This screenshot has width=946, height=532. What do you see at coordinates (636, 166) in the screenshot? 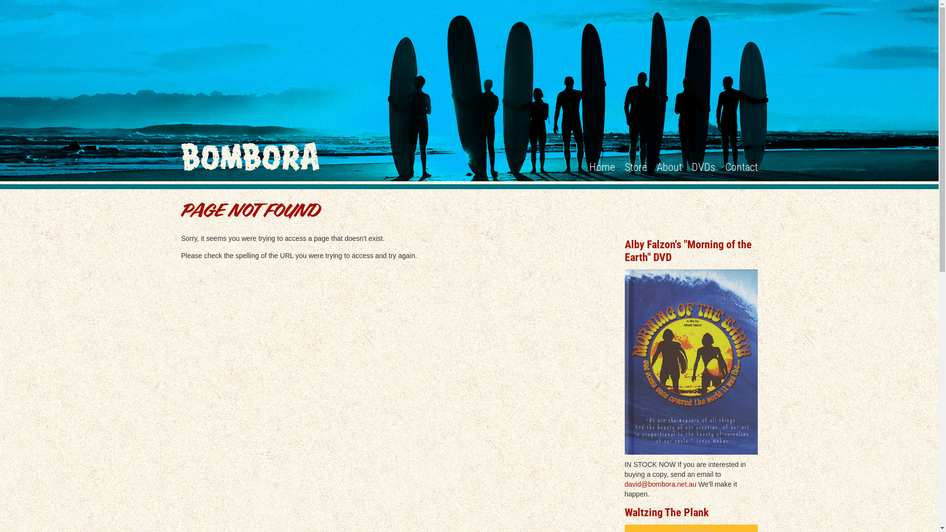
I see `'Store'` at bounding box center [636, 166].